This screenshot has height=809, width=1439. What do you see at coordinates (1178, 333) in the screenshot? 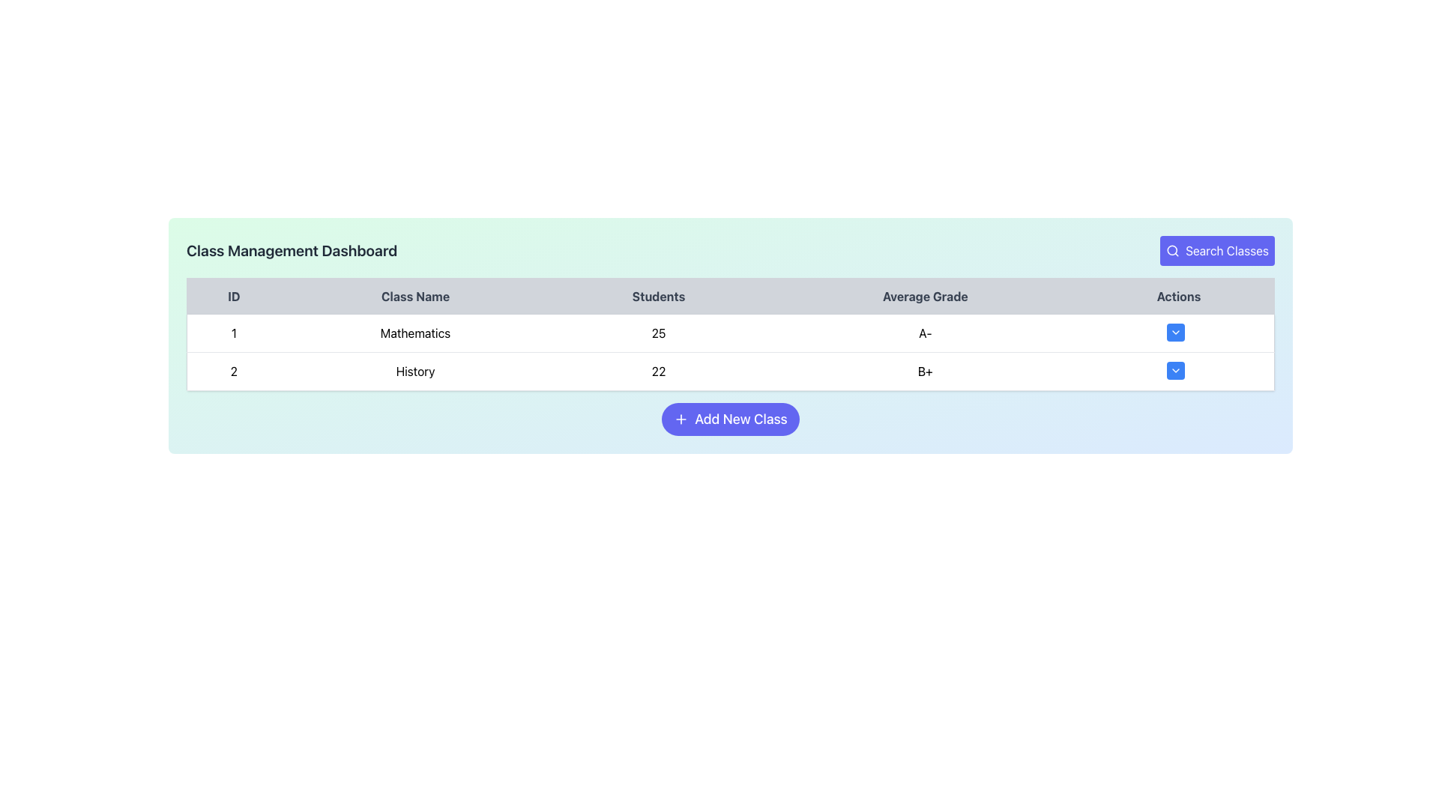
I see `the interactive button in the 'Actions' column of the first row corresponding to the 'Mathematics' class entry` at bounding box center [1178, 333].